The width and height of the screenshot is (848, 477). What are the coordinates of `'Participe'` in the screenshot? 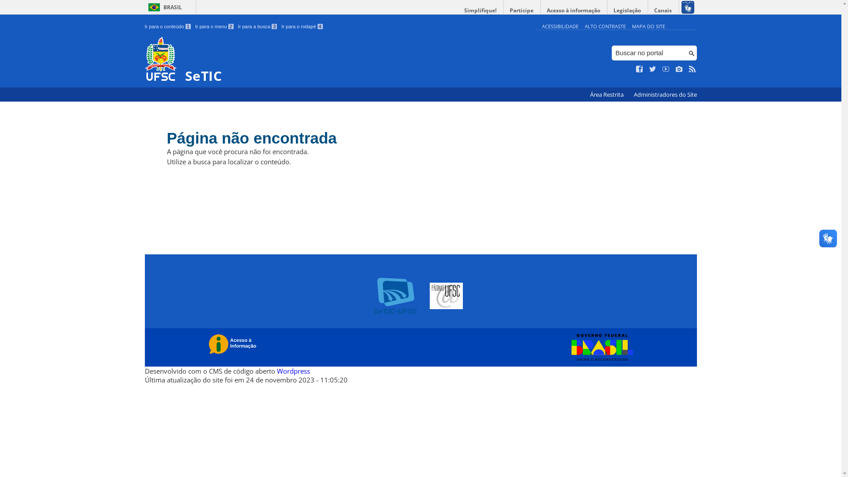 It's located at (521, 10).